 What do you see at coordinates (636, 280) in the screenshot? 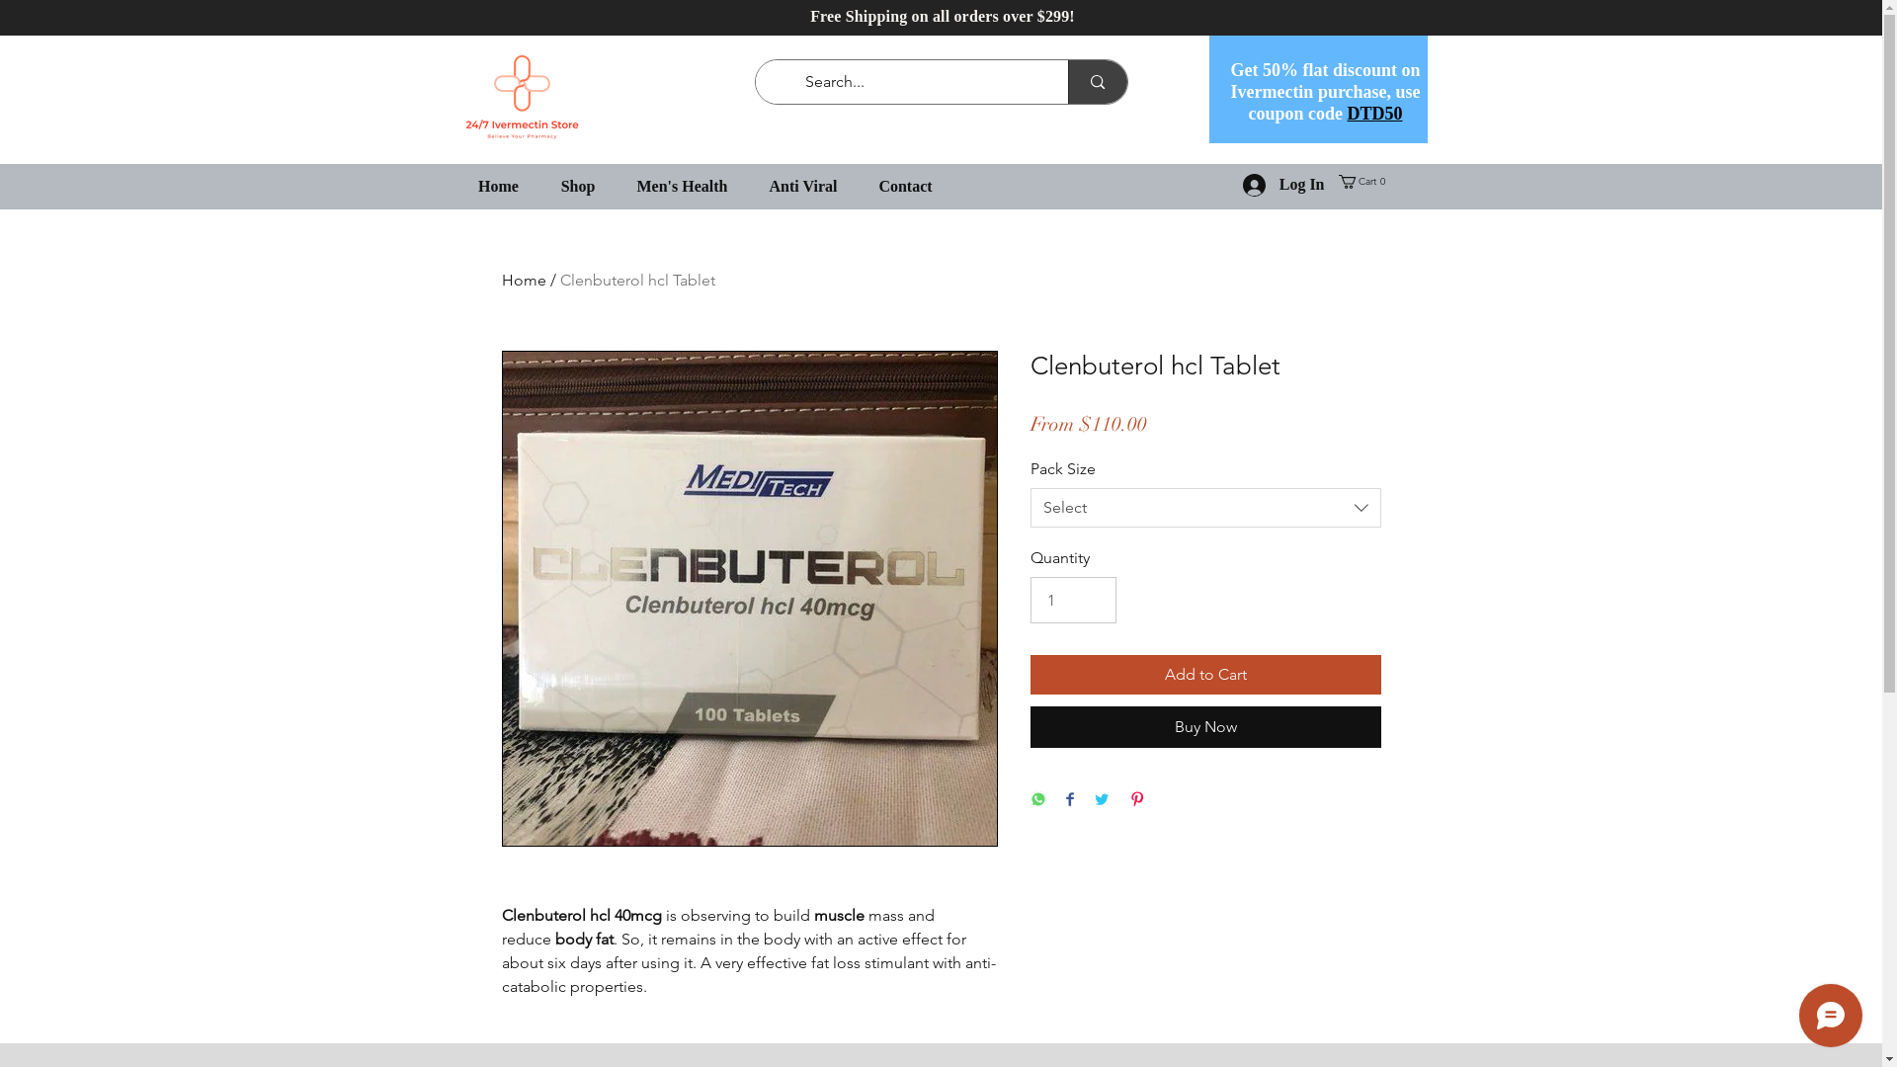
I see `'Clenbuterol hcl Tablet'` at bounding box center [636, 280].